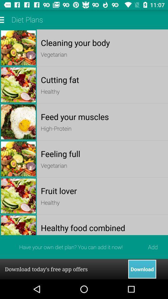 This screenshot has height=299, width=168. I want to click on fruit lover app, so click(102, 190).